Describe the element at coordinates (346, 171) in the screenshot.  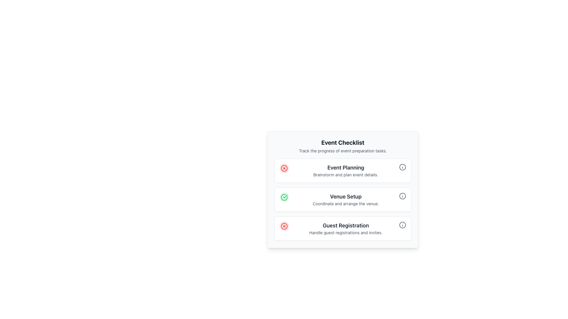
I see `text that provides an overview of the 'Event Planning' task located within the first card of the 'Event Checklist' section` at that location.